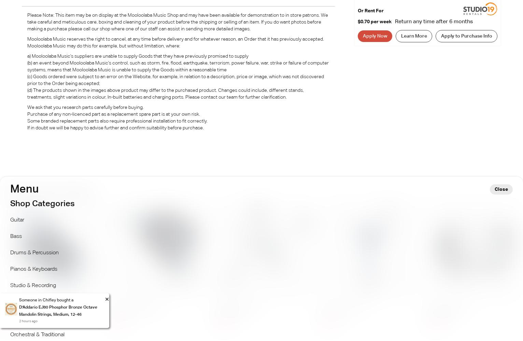 The width and height of the screenshot is (523, 341). What do you see at coordinates (3, 191) in the screenshot?
I see `'More from this category'` at bounding box center [3, 191].